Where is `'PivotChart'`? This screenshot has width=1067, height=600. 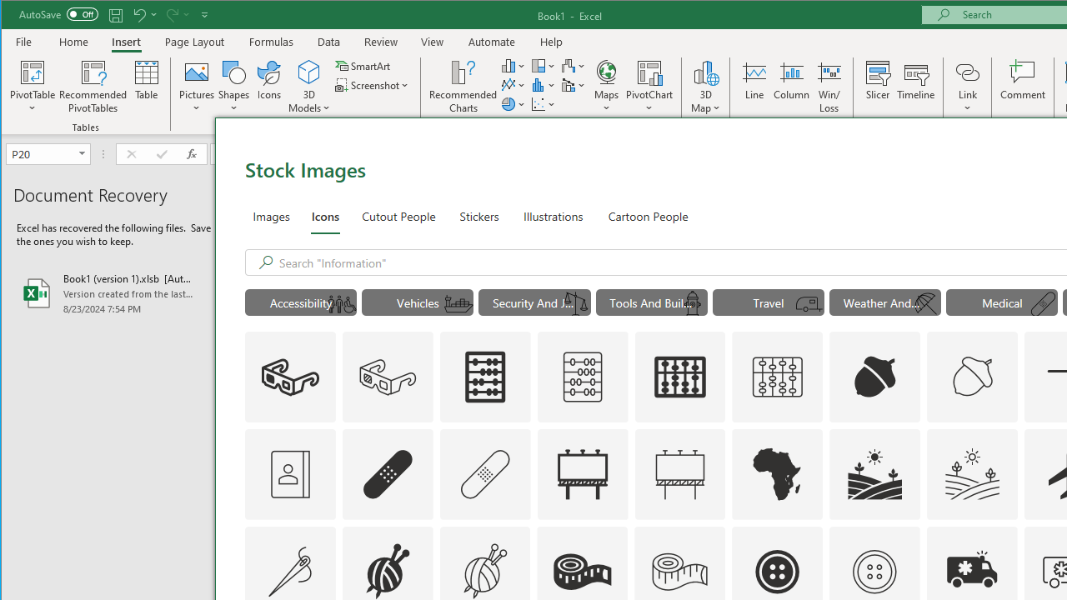
'PivotChart' is located at coordinates (649, 71).